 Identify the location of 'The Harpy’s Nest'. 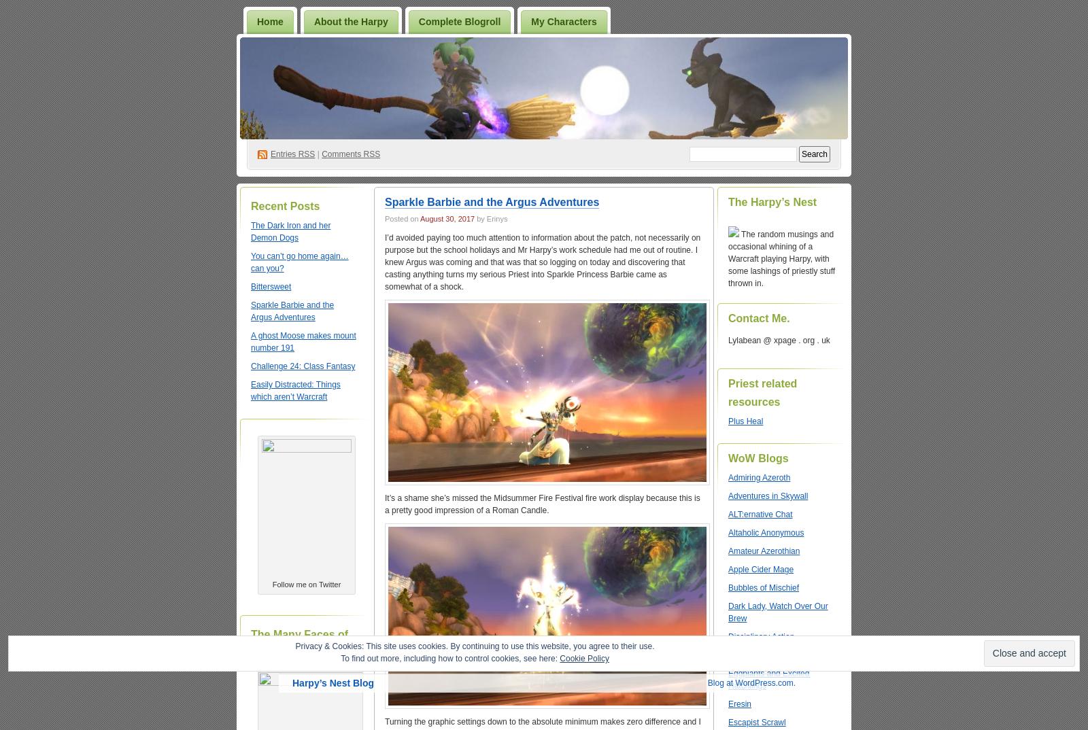
(772, 202).